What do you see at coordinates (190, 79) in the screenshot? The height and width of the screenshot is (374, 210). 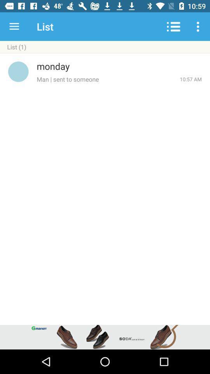 I see `icon next to the man sent to` at bounding box center [190, 79].